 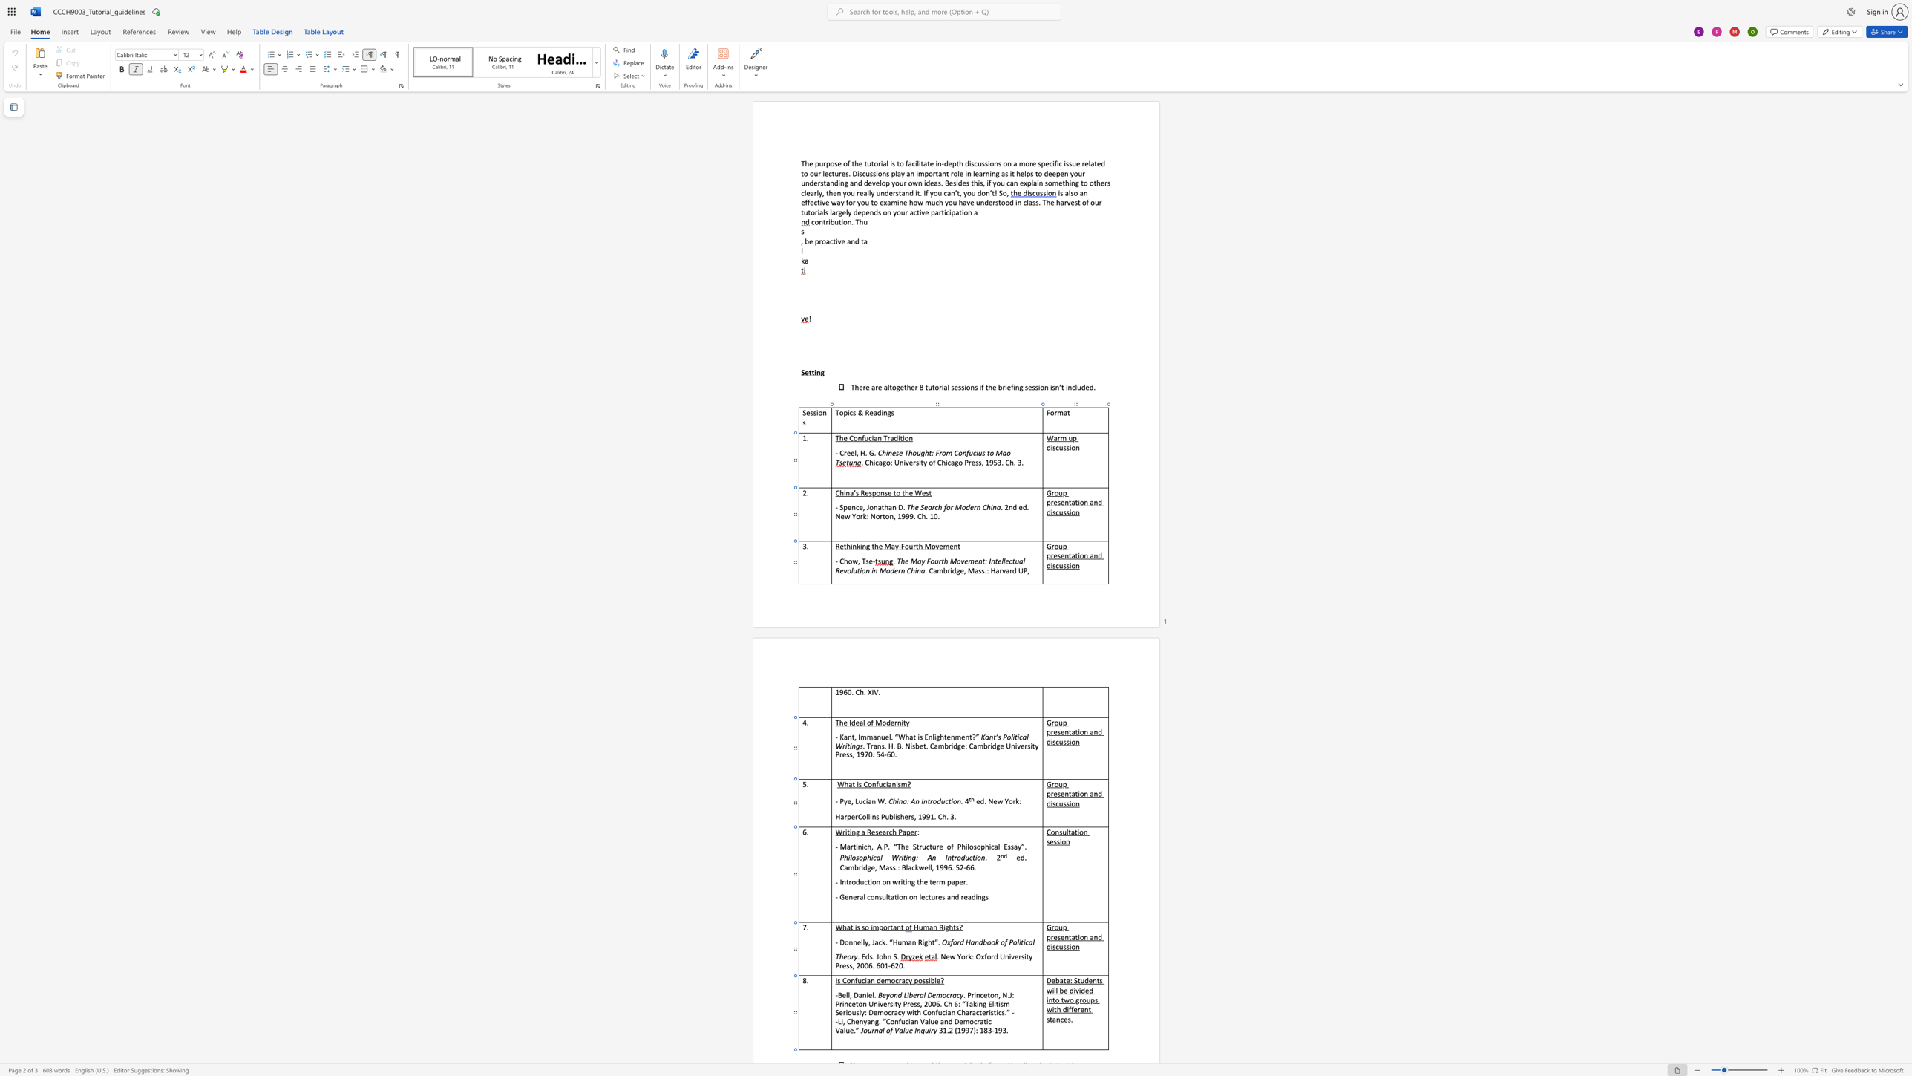 What do you see at coordinates (1090, 1000) in the screenshot?
I see `the space between the continuous character "u" and "p" in the text` at bounding box center [1090, 1000].